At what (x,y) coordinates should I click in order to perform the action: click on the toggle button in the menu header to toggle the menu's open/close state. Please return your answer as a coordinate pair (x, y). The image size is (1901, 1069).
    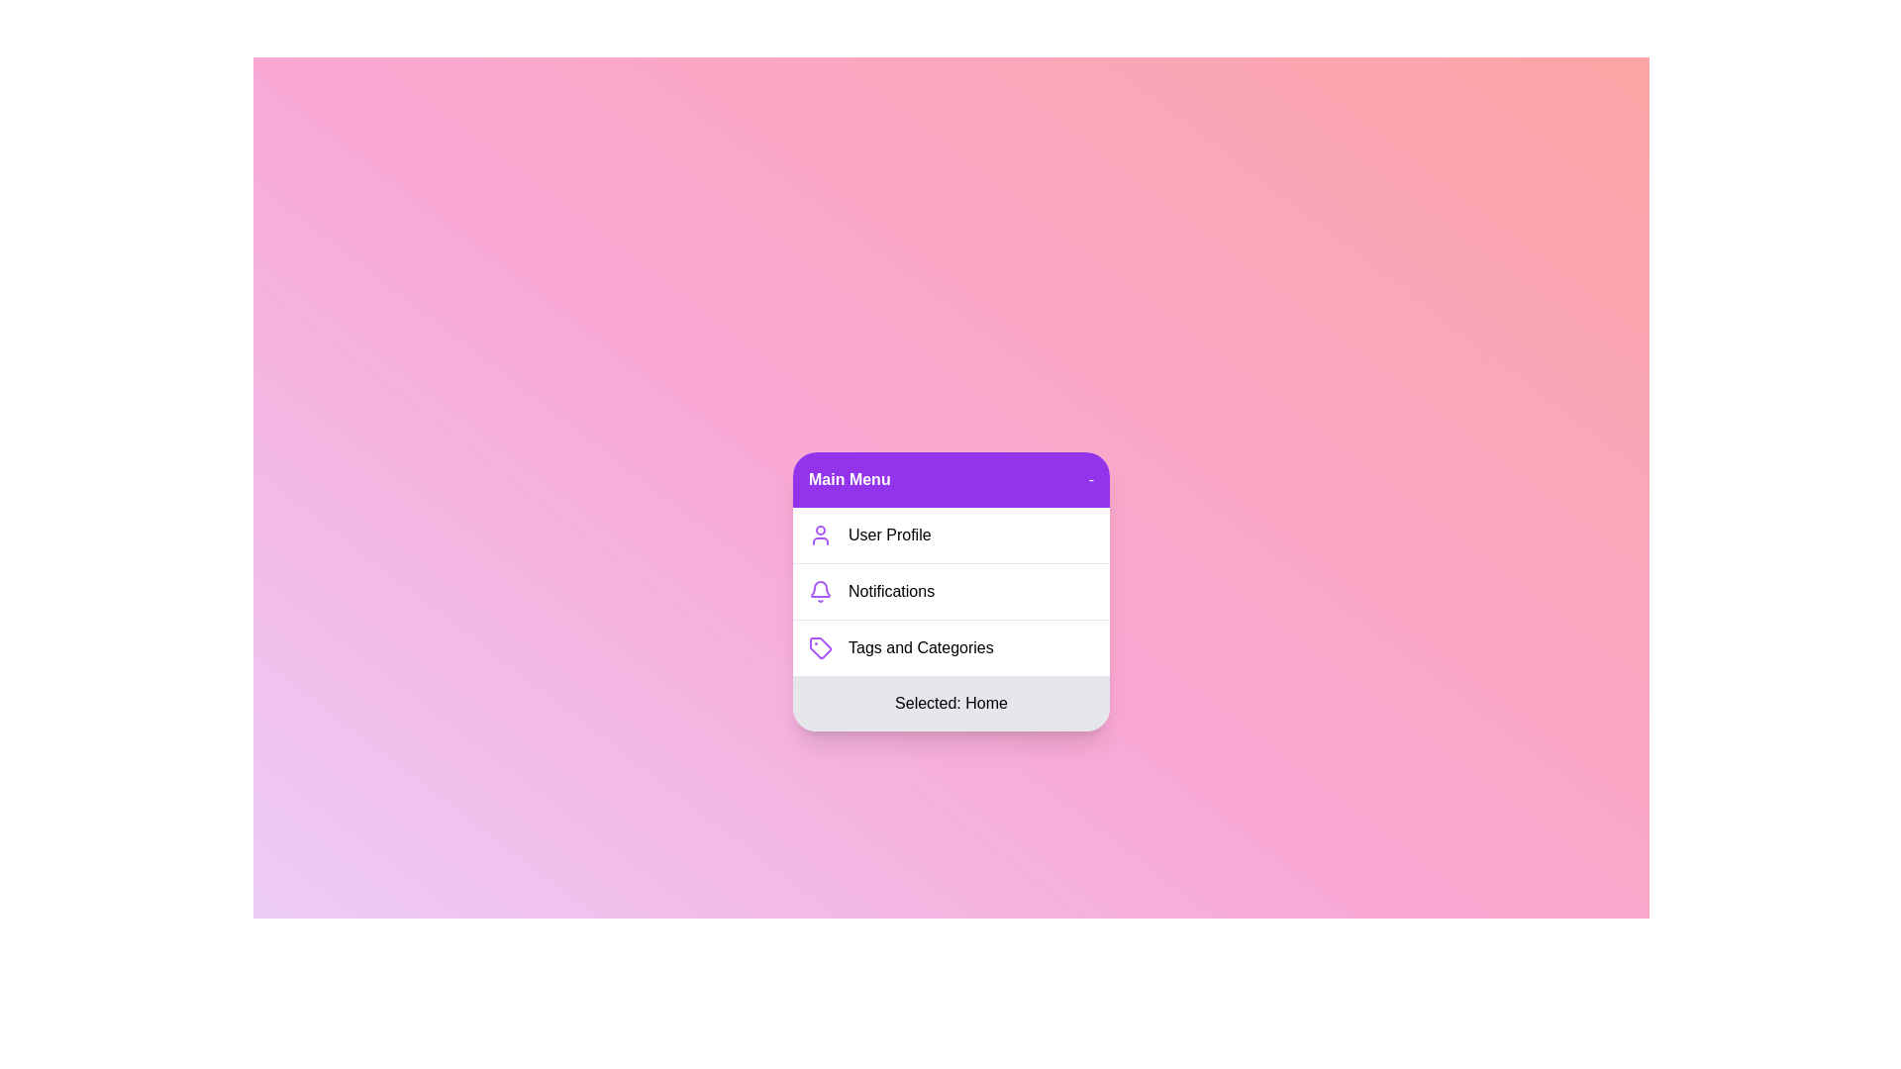
    Looking at the image, I should click on (1090, 480).